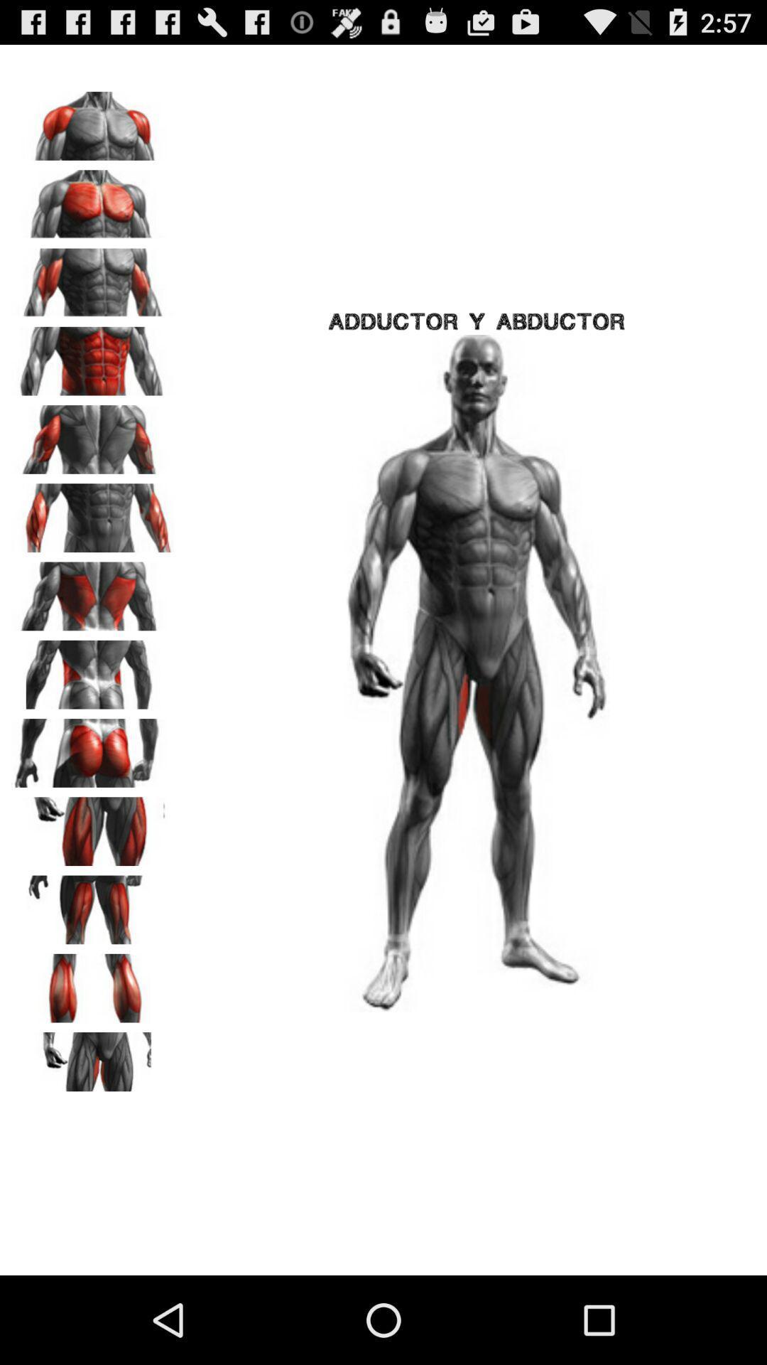 This screenshot has height=1365, width=767. What do you see at coordinates (93, 983) in the screenshot?
I see `selected body part` at bounding box center [93, 983].